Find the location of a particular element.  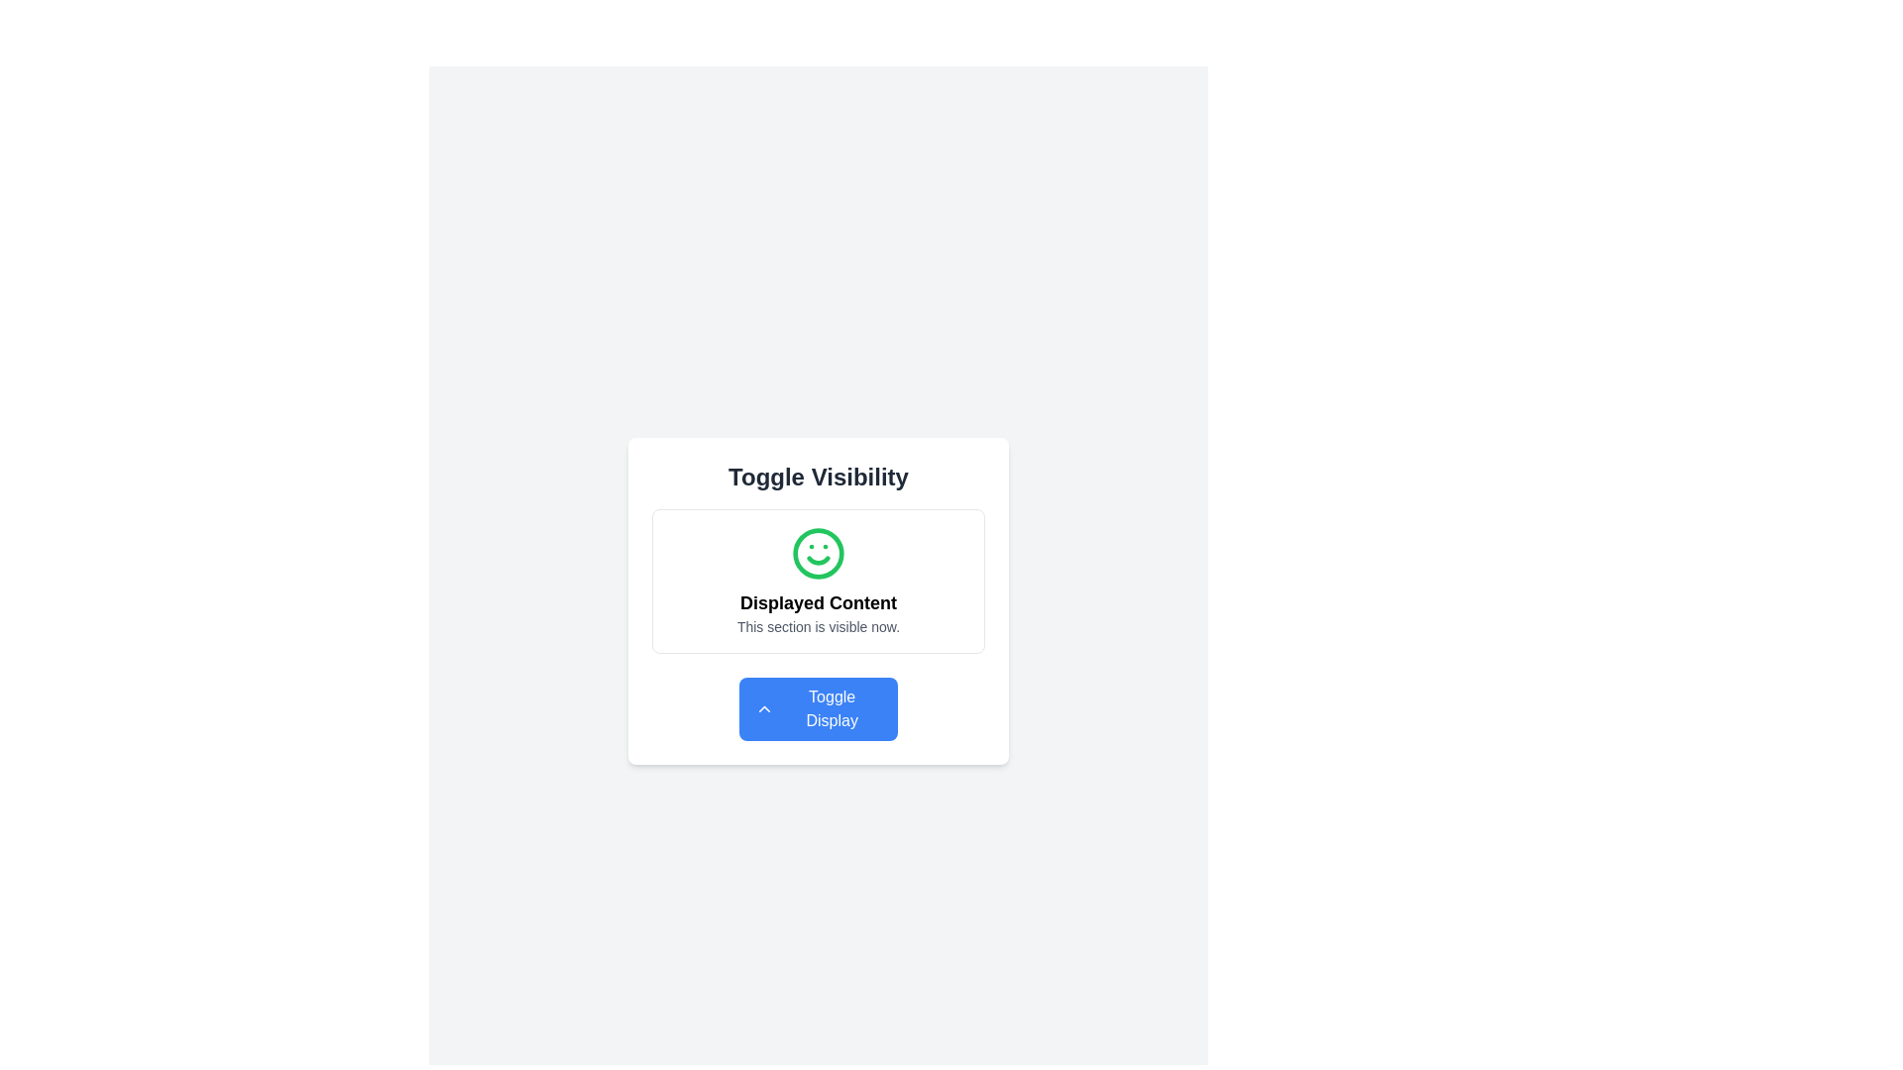

the static text label displaying 'This section is visible now.' located below the title 'Displayed Content' is located at coordinates (818, 626).